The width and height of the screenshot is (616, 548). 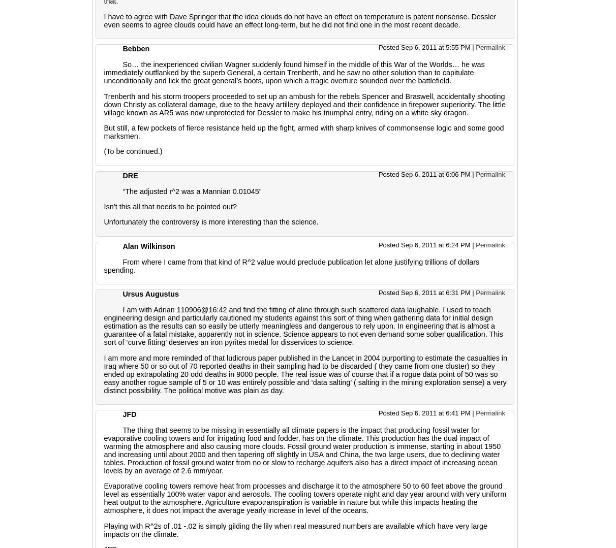 I want to click on 'DRE', so click(x=130, y=175).